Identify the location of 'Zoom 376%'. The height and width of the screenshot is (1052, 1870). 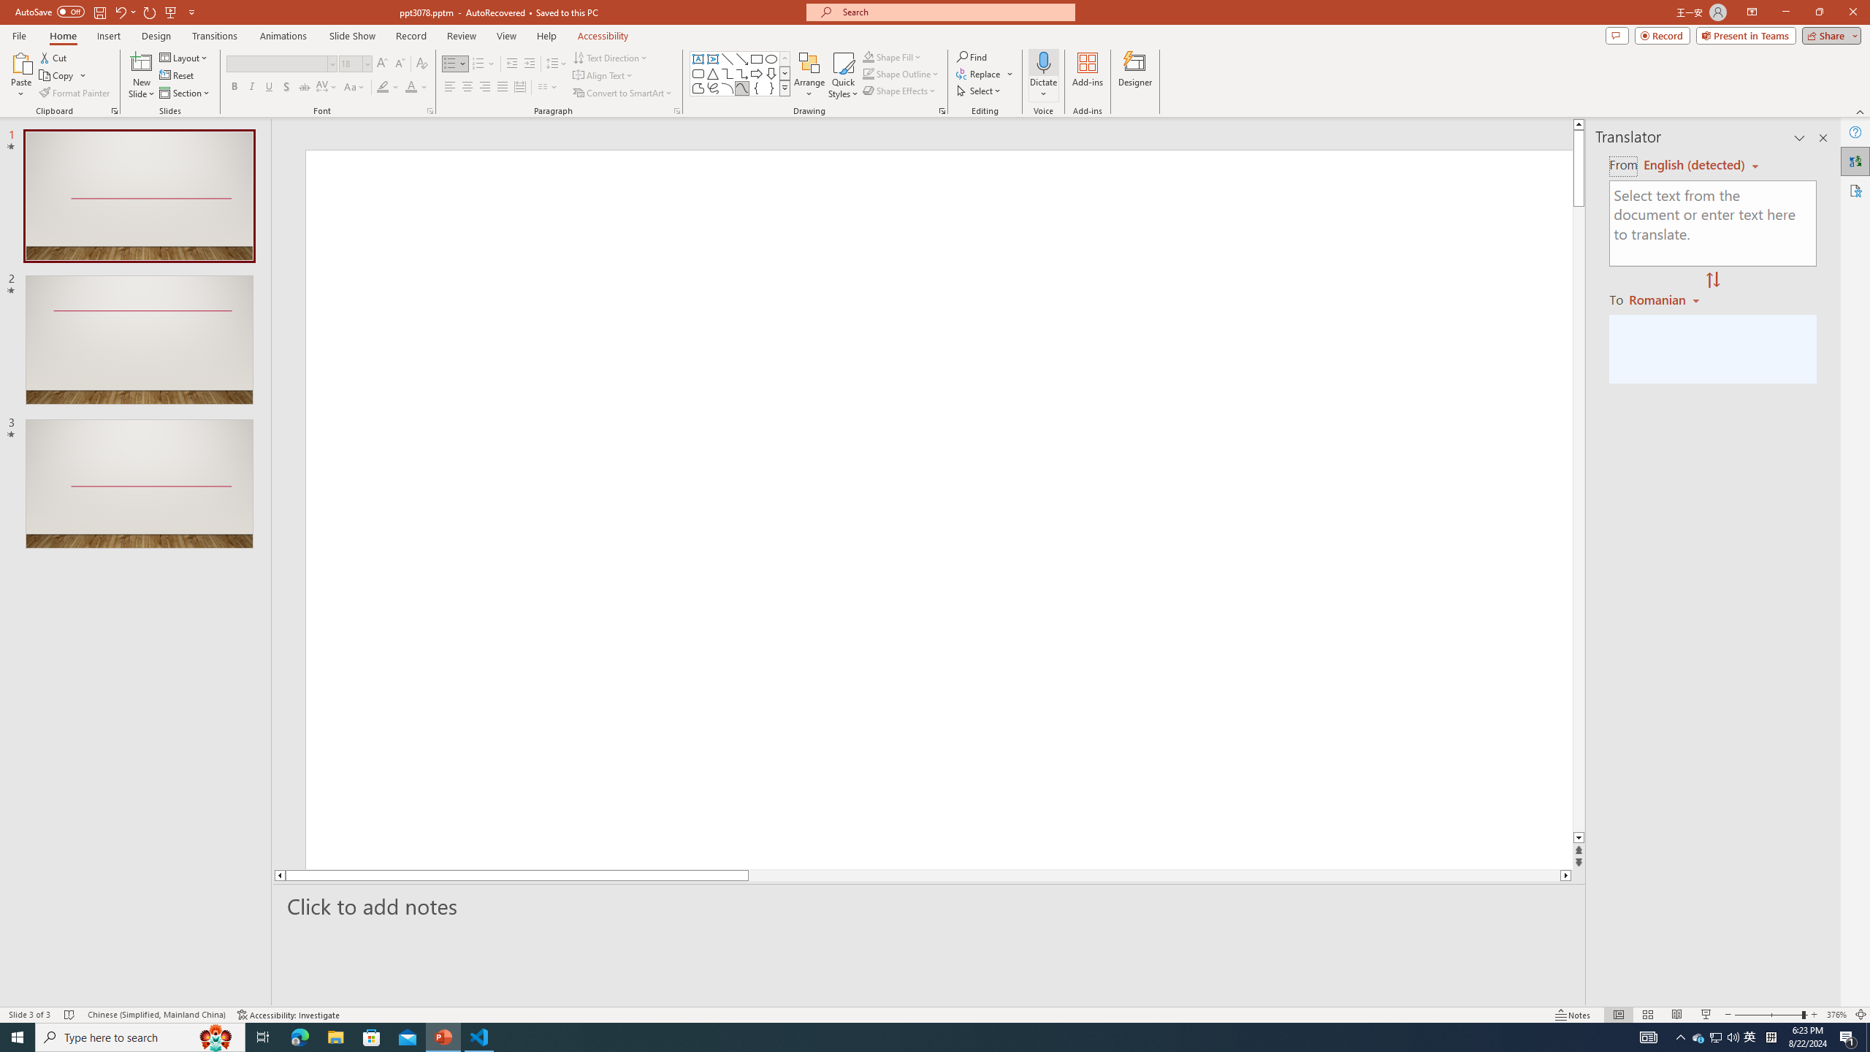
(1837, 1015).